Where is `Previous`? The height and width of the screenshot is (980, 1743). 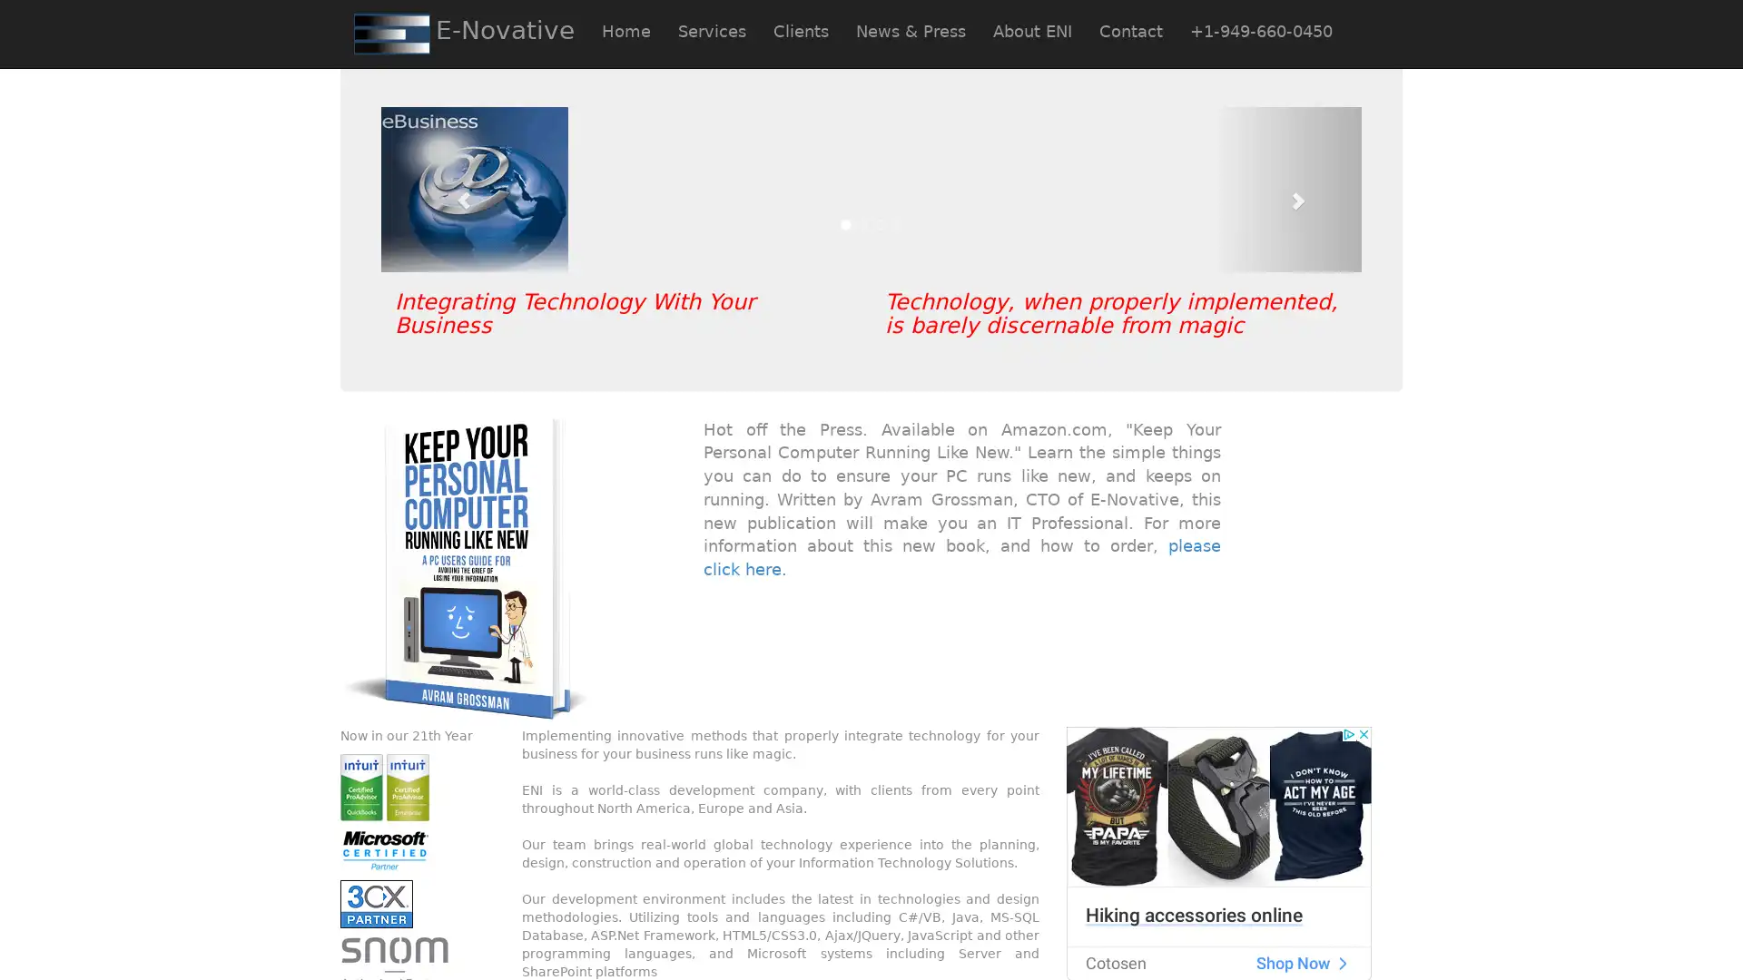 Previous is located at coordinates (454, 189).